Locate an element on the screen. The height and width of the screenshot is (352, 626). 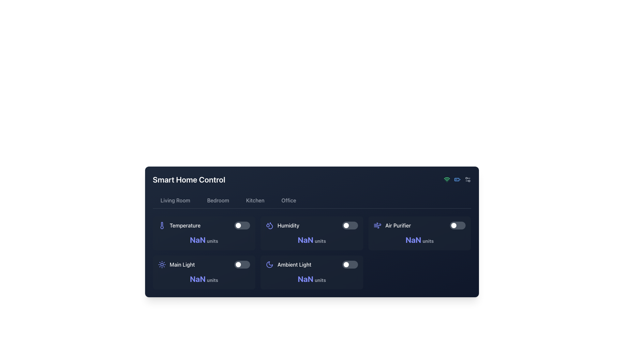
Wi-Fi status represented by the green Wi-Fi signal icon, which is the first icon in the top-right corner of the interface is located at coordinates (446, 180).